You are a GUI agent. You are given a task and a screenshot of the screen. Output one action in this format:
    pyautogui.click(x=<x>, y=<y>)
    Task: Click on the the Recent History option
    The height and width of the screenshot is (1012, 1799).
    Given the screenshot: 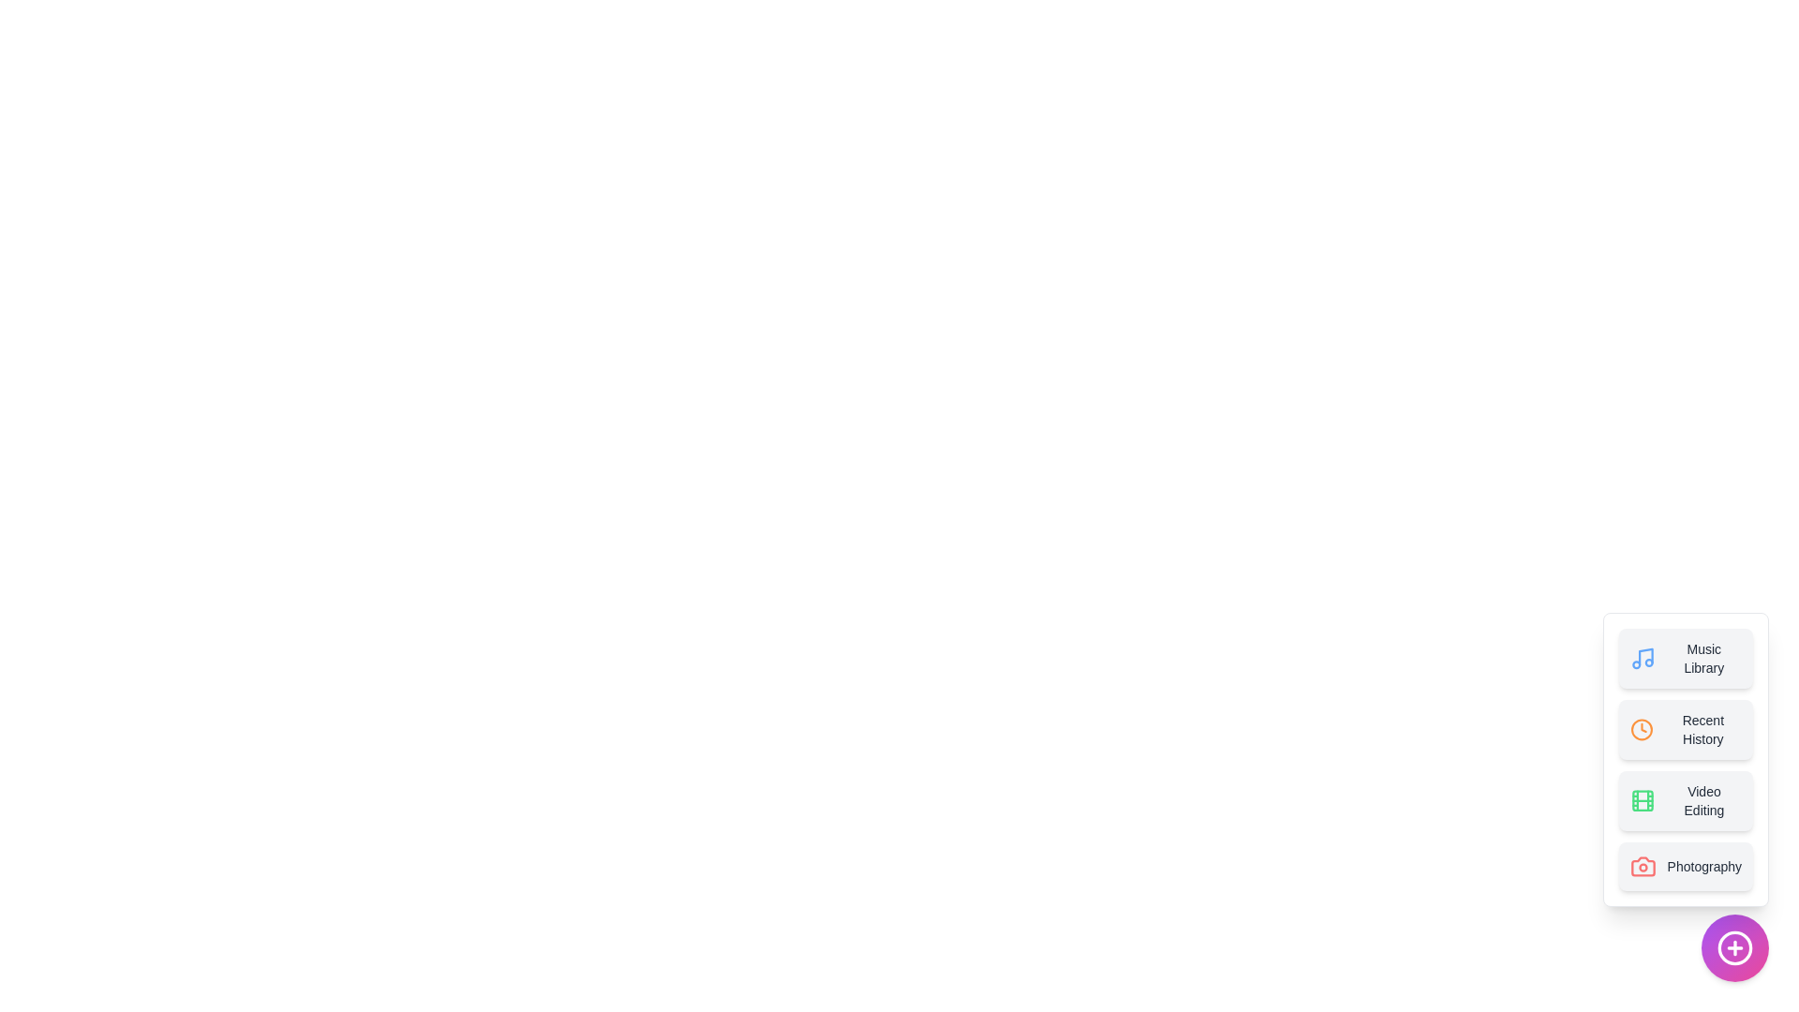 What is the action you would take?
    pyautogui.click(x=1686, y=729)
    